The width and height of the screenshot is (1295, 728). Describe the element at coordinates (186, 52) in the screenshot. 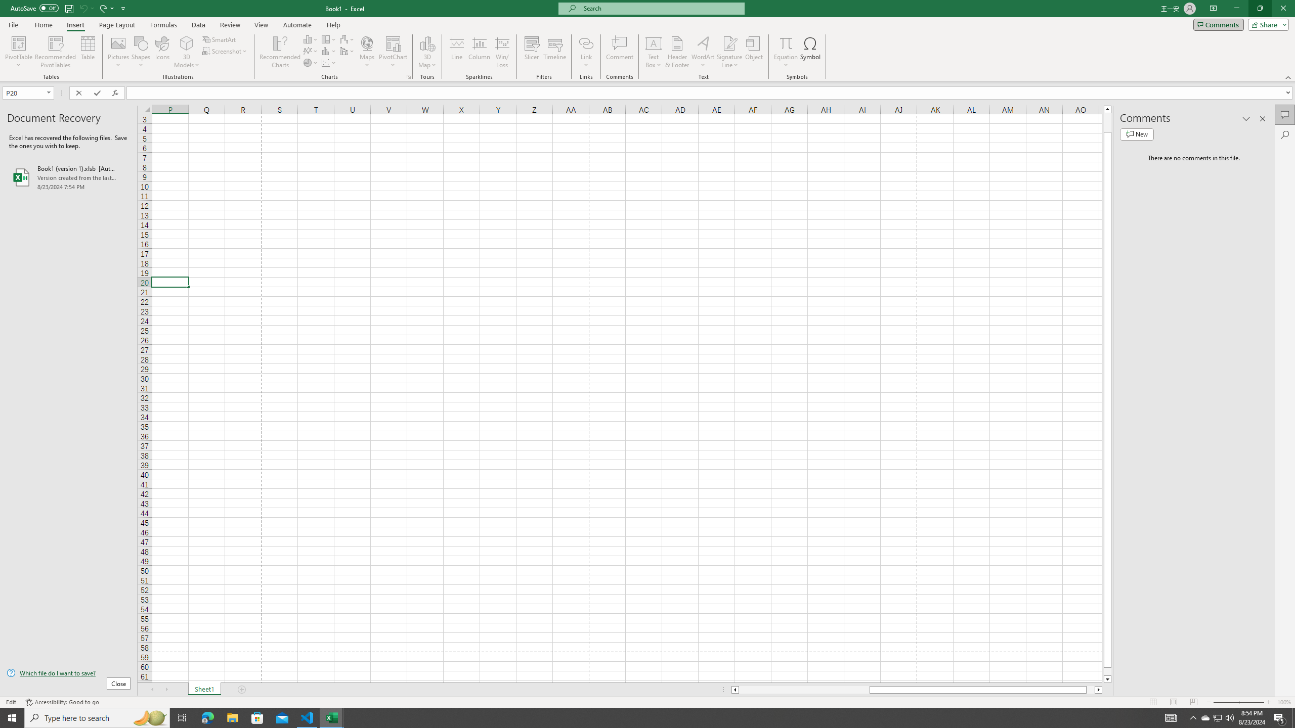

I see `'3D Models'` at that location.